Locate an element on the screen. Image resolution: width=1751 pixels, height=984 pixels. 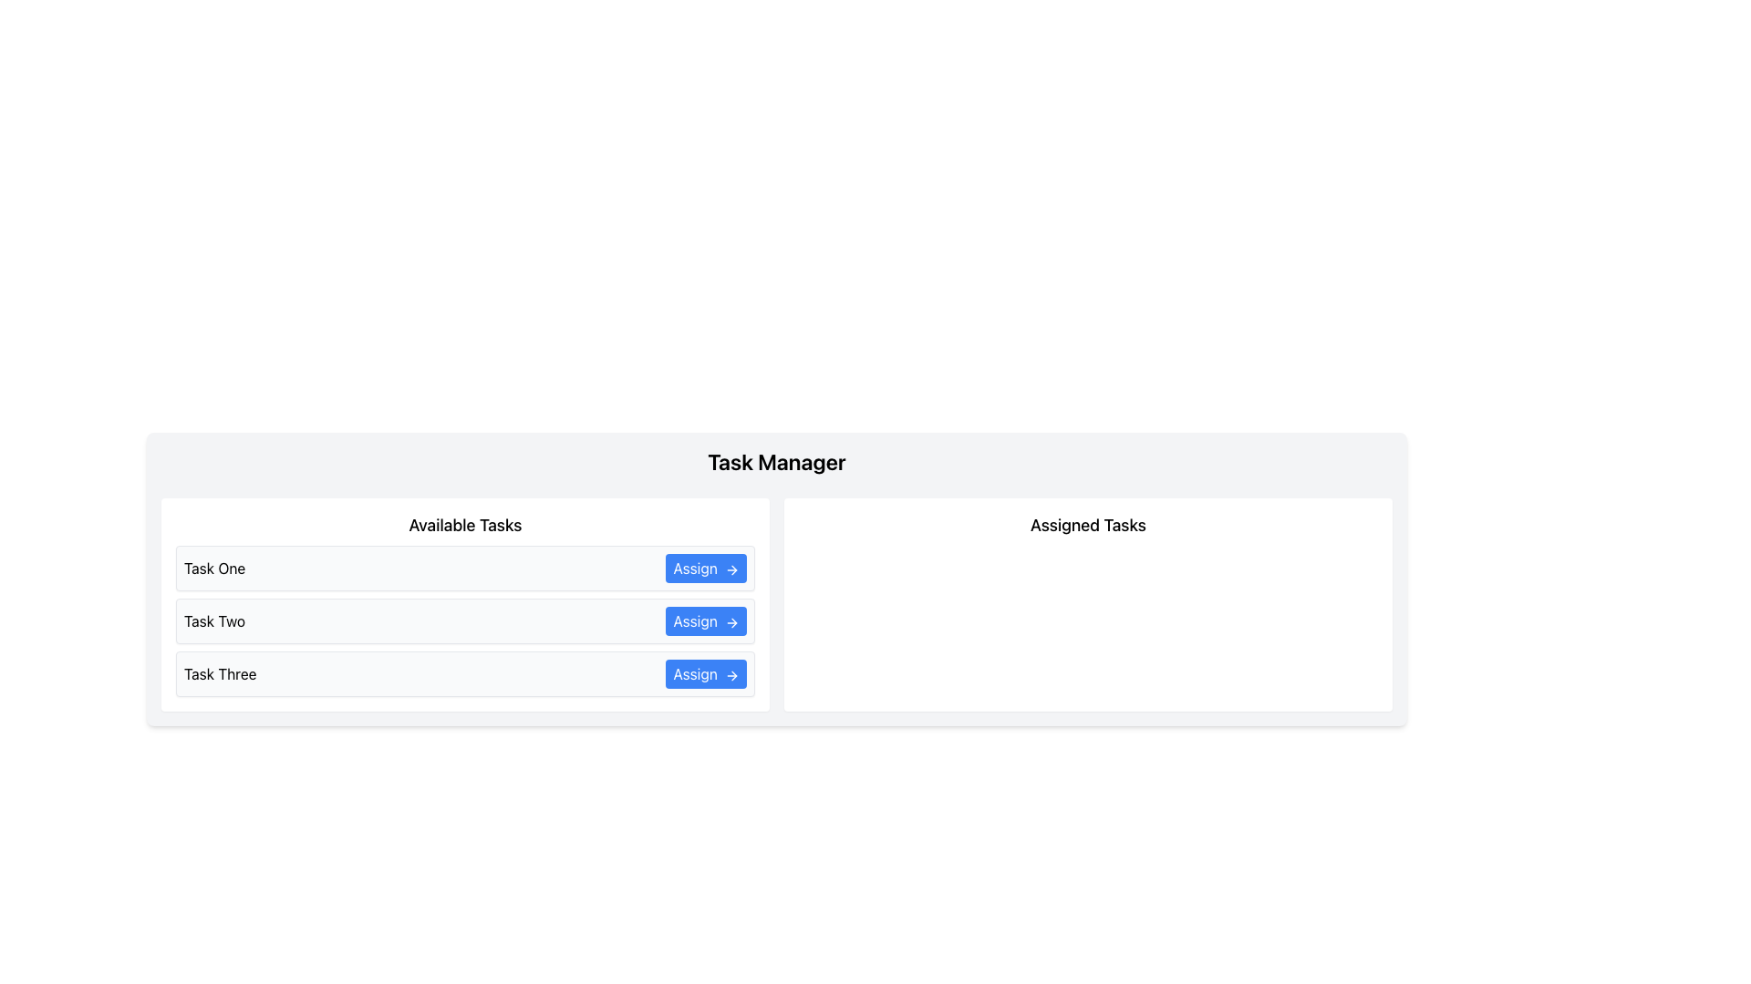
the right-pointing arrow icon with a blue background that is part of the 'Assign' button in the 'Available Tasks' section is located at coordinates (731, 620).